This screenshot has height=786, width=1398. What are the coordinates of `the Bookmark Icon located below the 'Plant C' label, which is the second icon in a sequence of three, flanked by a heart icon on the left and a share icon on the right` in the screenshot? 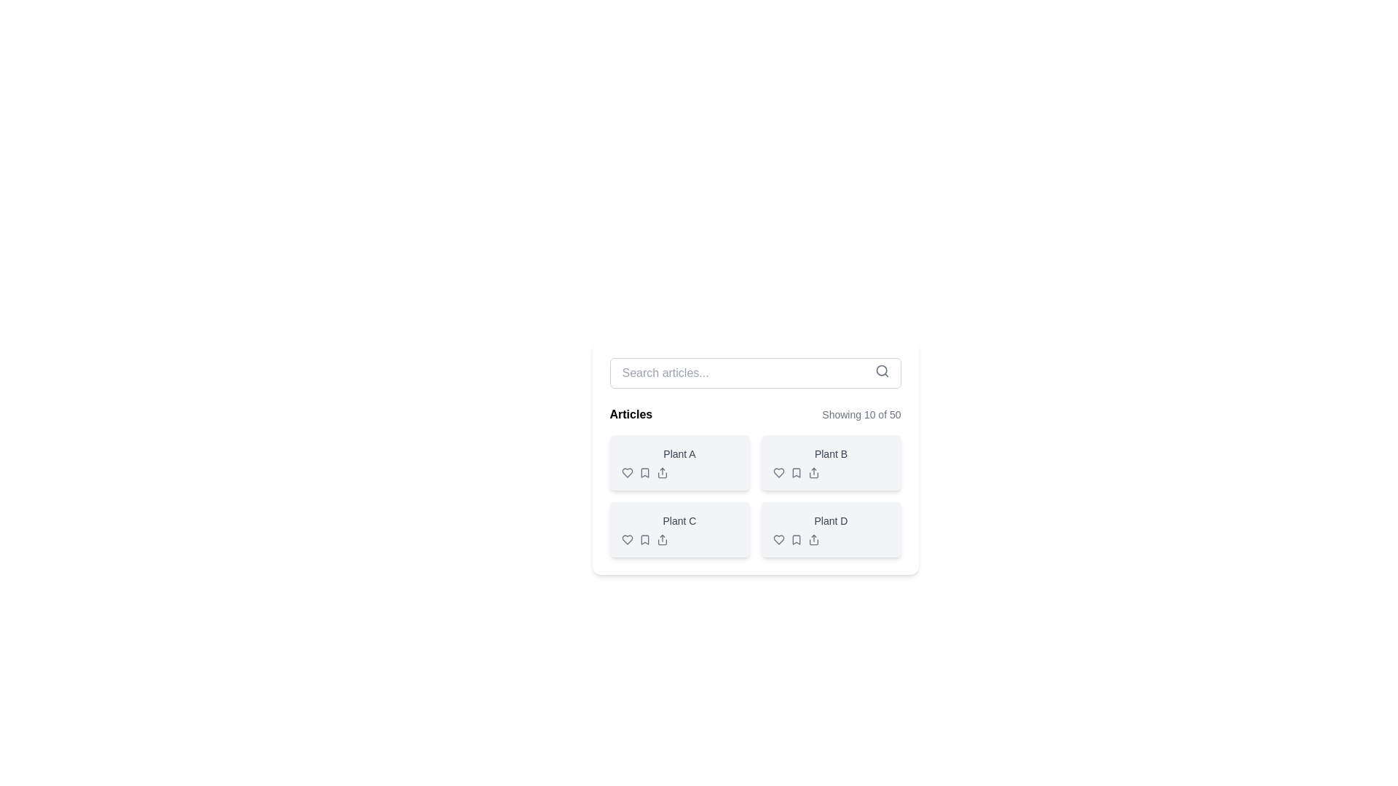 It's located at (644, 539).